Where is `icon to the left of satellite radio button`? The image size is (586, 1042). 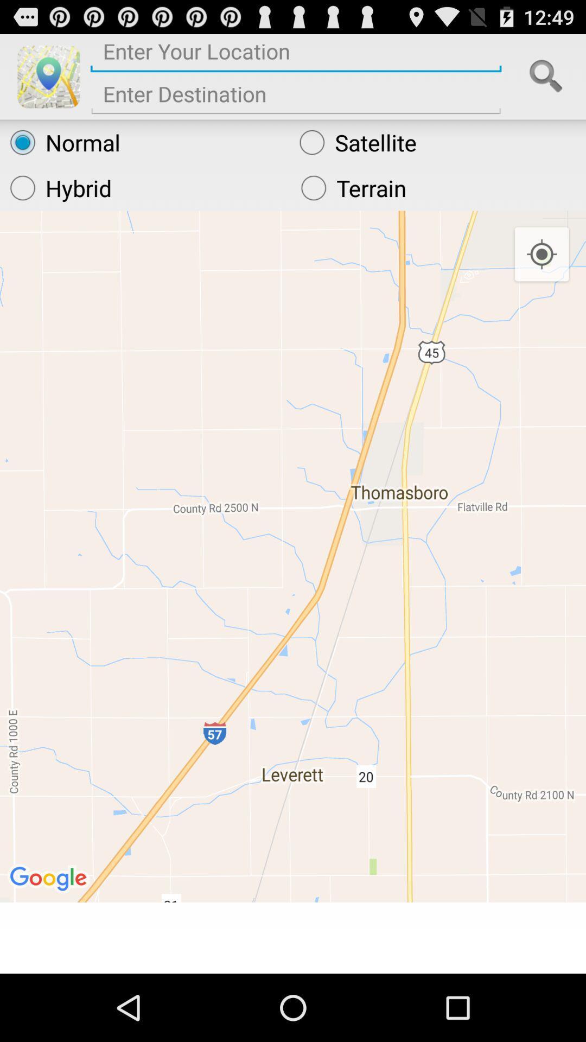
icon to the left of satellite radio button is located at coordinates (144, 142).